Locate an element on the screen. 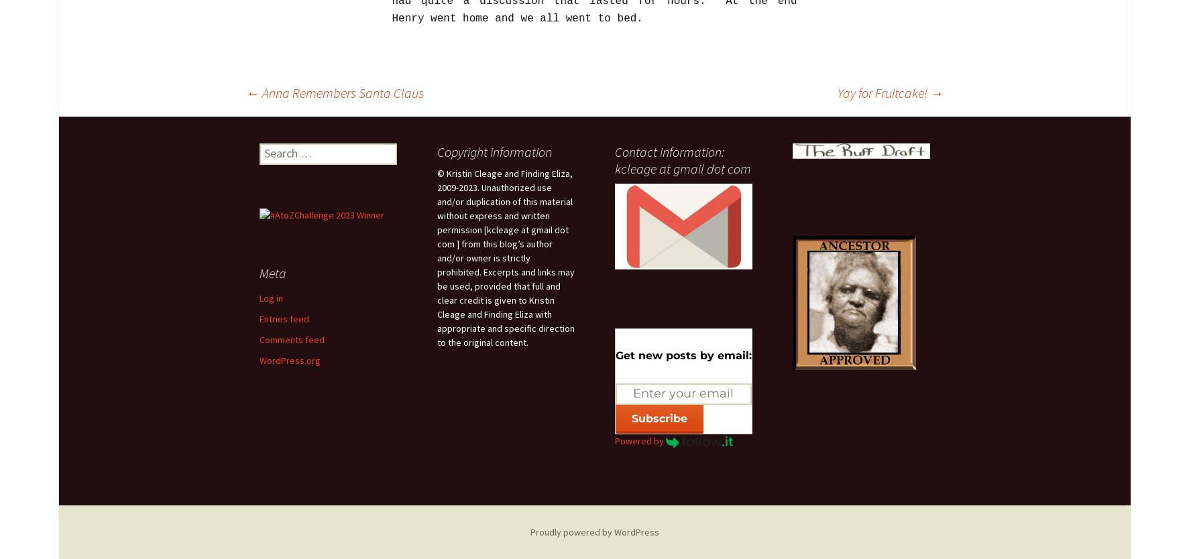  'My Poetry Blog' is located at coordinates (824, 167).